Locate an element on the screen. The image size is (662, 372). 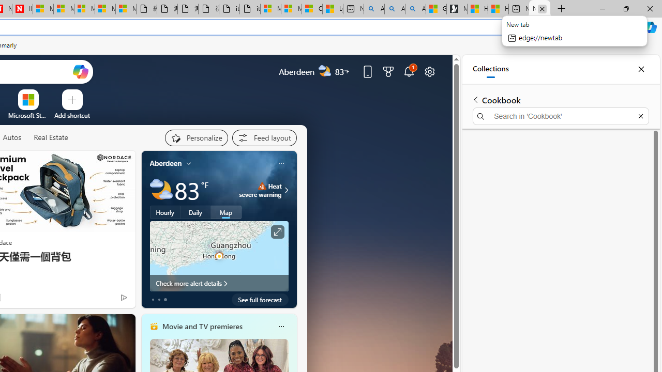
'Partly cloudy' is located at coordinates (160, 190).